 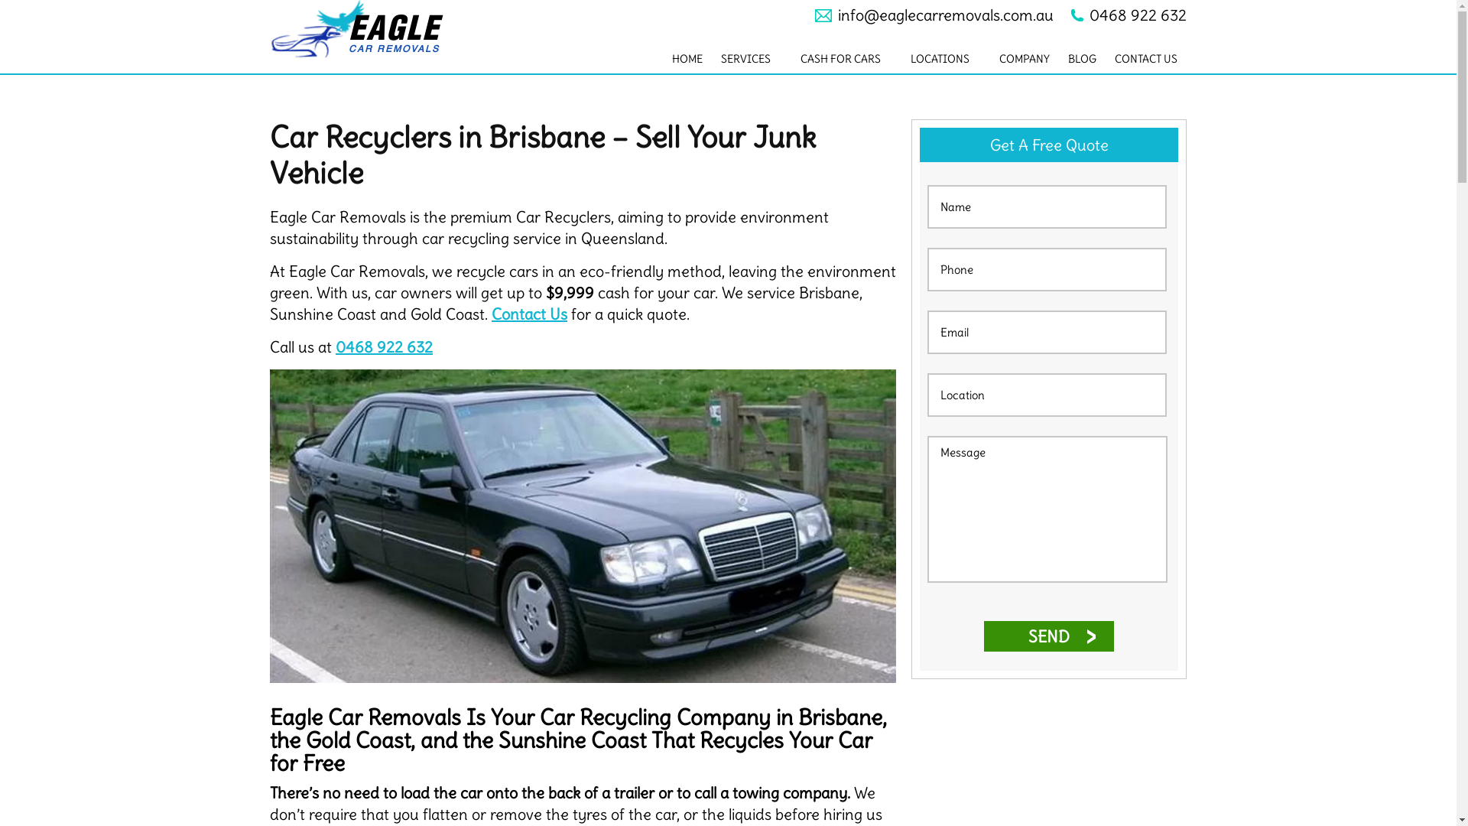 I want to click on '0468 922 632', so click(x=384, y=346).